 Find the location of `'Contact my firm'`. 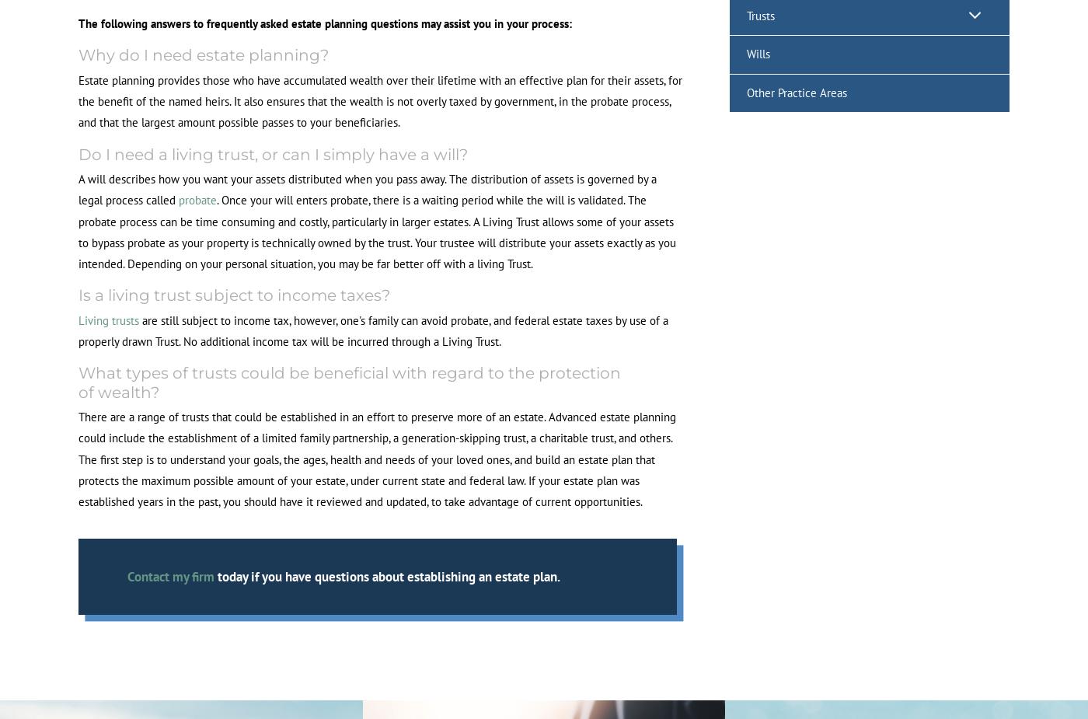

'Contact my firm' is located at coordinates (126, 576).